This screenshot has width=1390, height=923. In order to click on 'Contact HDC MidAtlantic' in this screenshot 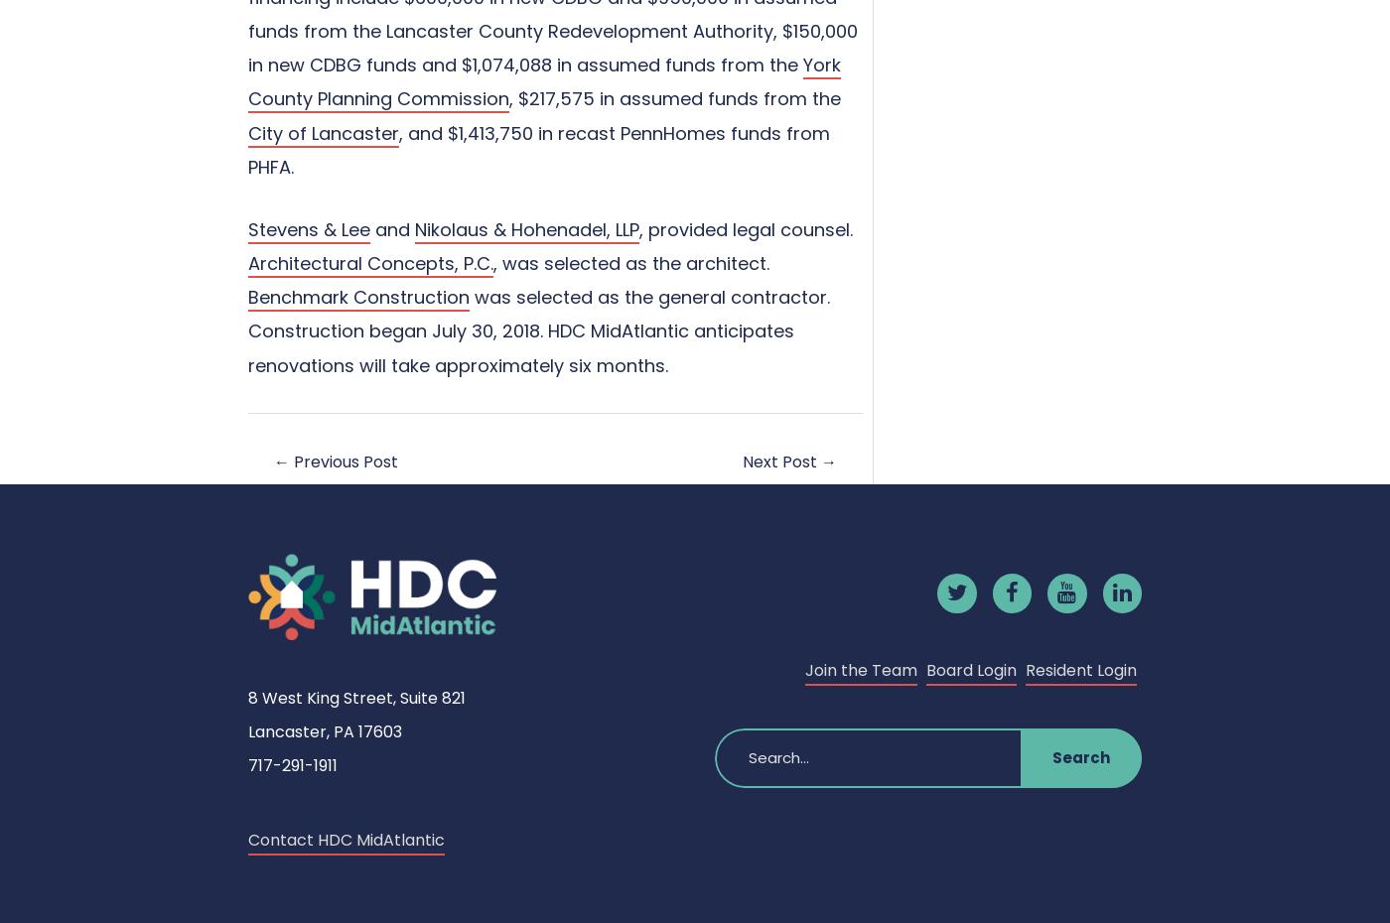, I will do `click(347, 839)`.